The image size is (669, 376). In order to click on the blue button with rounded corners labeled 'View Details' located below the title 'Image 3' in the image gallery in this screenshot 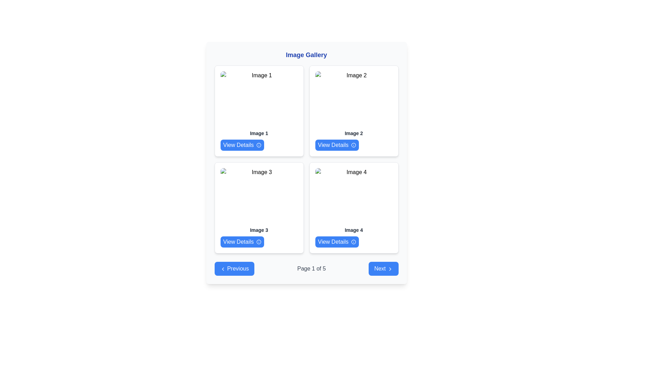, I will do `click(242, 241)`.